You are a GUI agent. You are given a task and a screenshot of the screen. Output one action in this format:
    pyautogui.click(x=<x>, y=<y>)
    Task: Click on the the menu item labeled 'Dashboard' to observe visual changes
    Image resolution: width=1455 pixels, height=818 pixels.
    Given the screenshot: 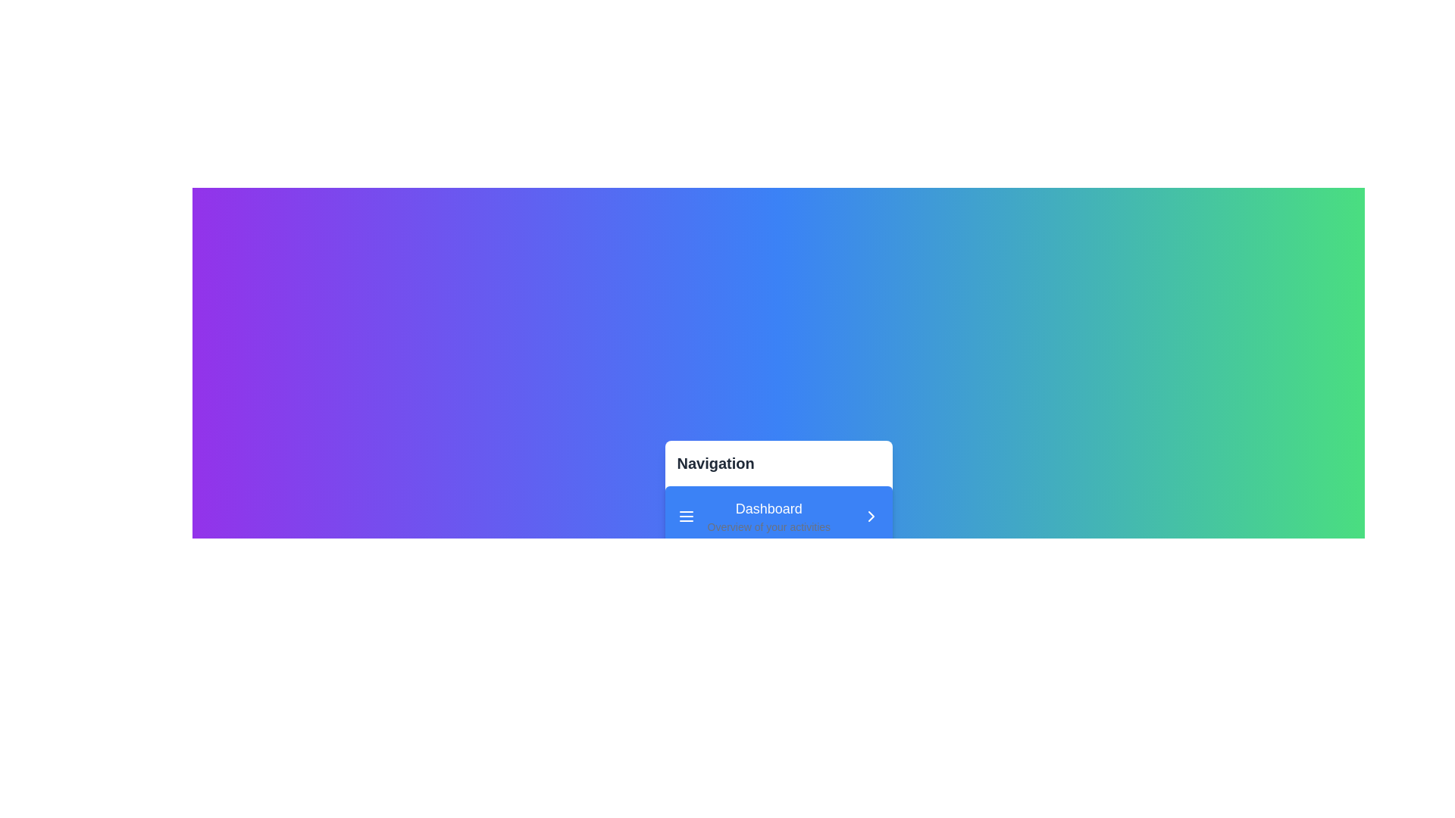 What is the action you would take?
    pyautogui.click(x=778, y=516)
    